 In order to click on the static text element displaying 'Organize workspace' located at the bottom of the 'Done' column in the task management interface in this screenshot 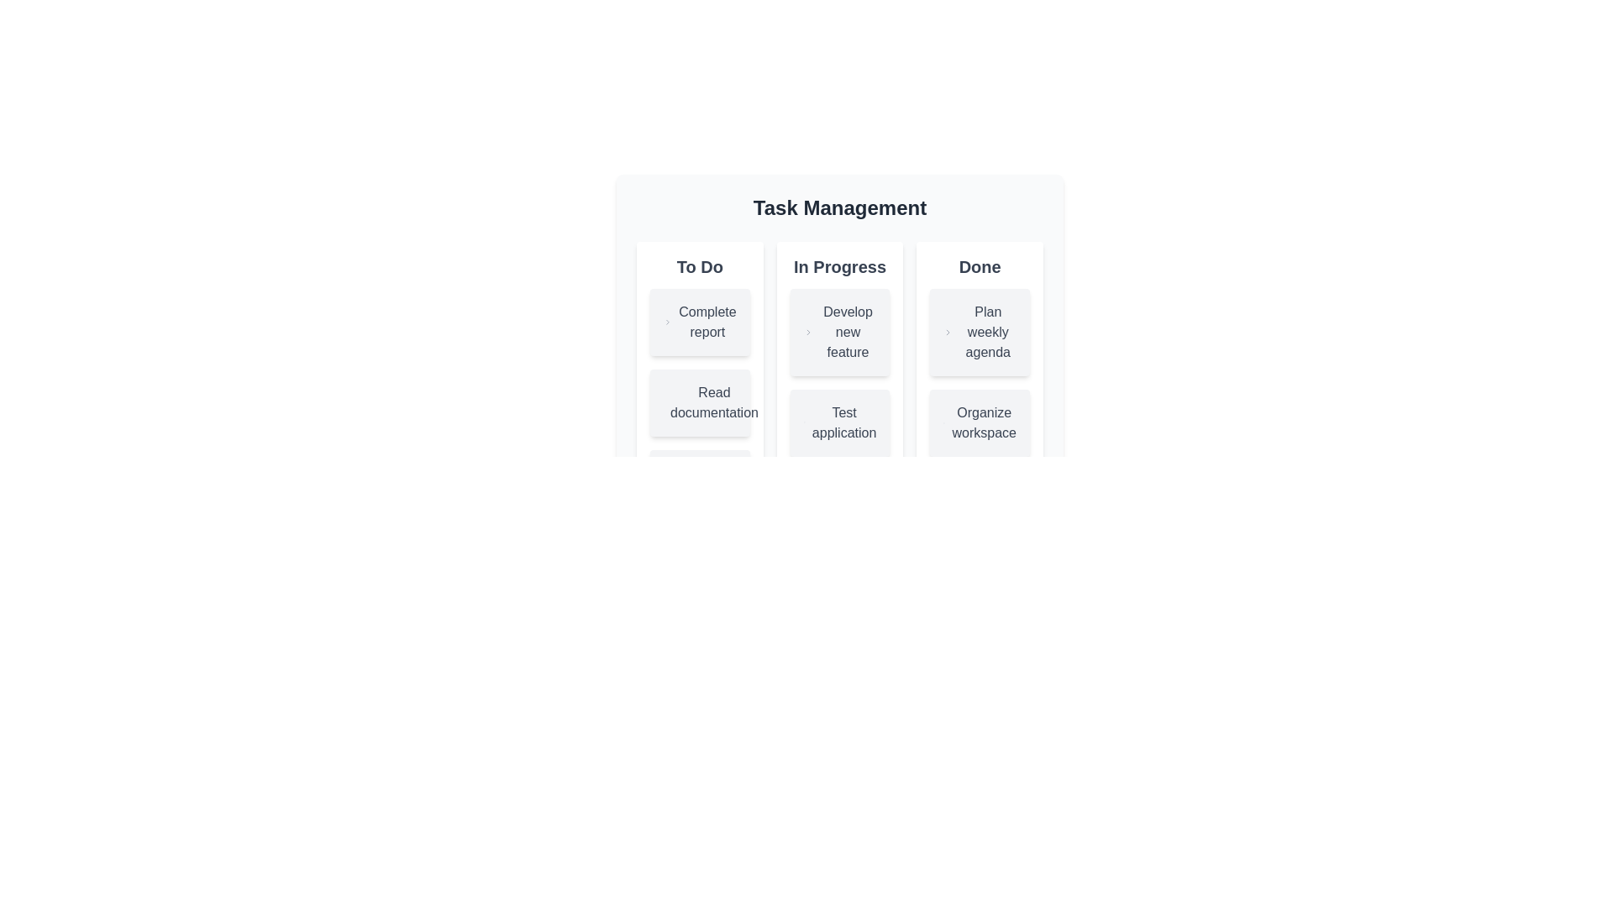, I will do `click(980, 422)`.